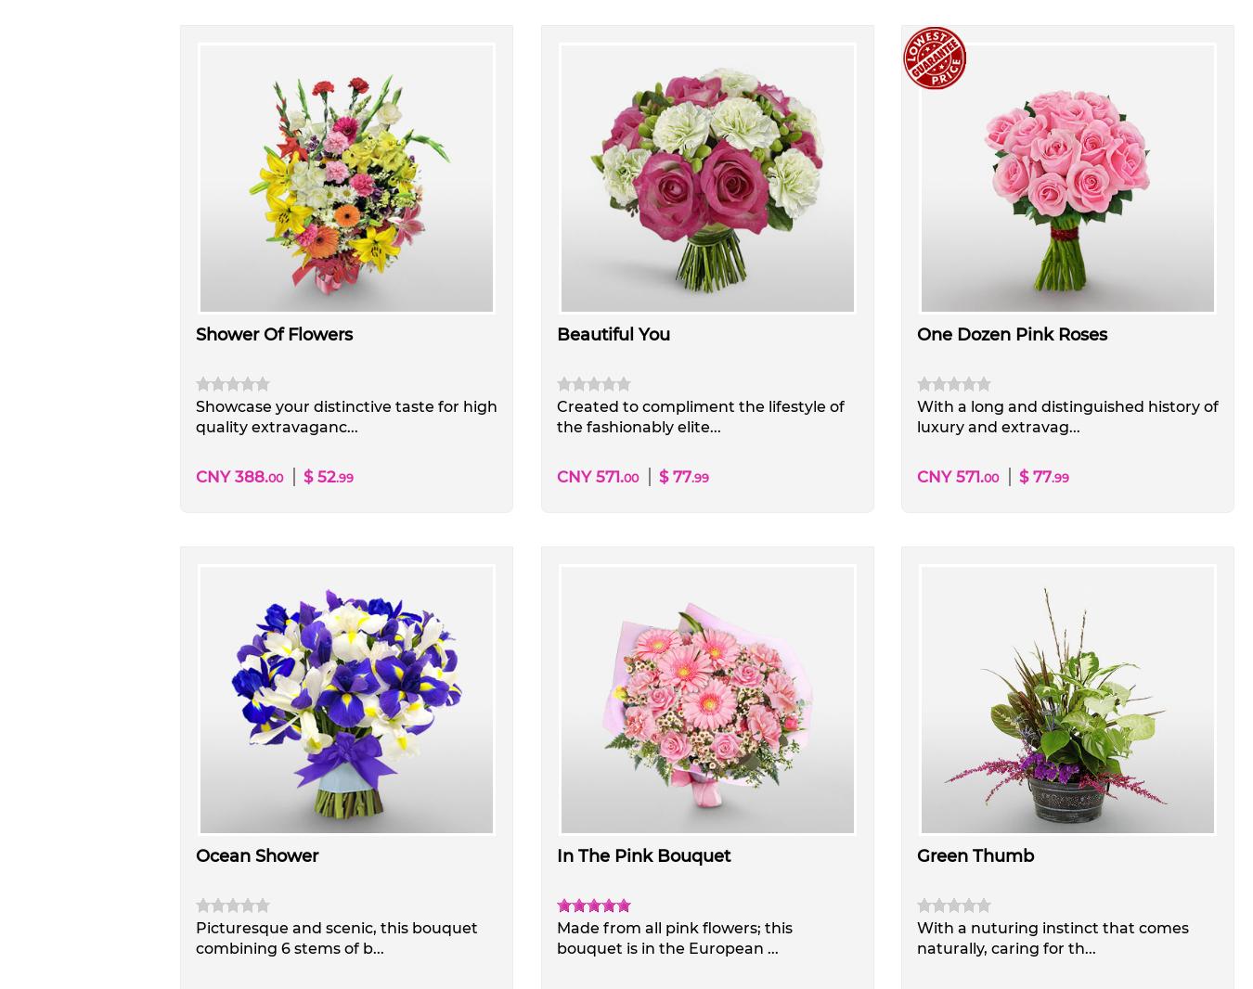  Describe the element at coordinates (1066, 417) in the screenshot. I see `'With a long and distinguished history of luxury and extravag...'` at that location.